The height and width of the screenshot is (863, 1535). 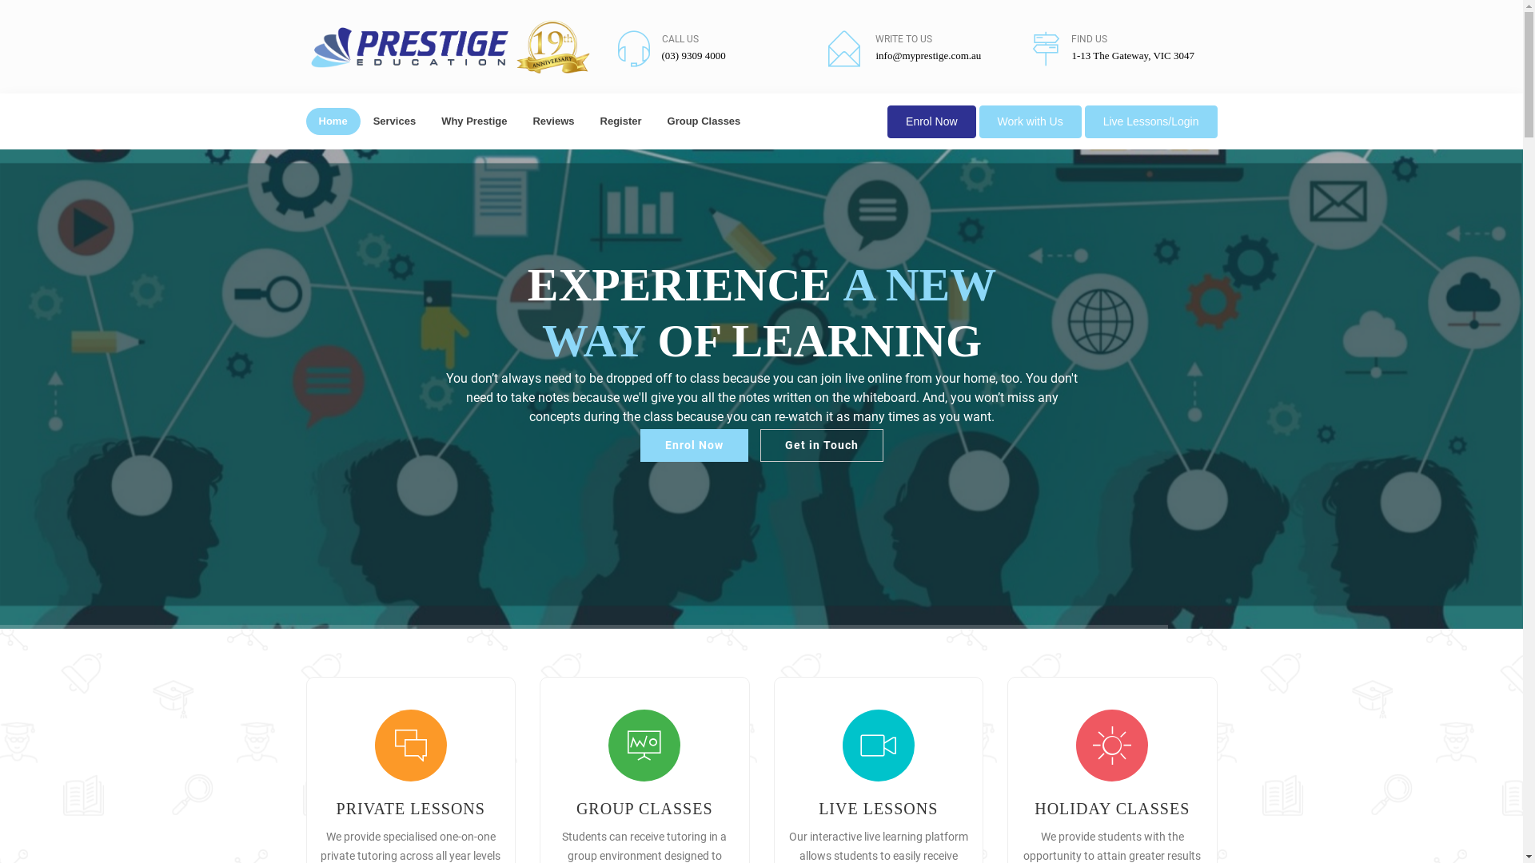 What do you see at coordinates (1071, 38) in the screenshot?
I see `'FIND US'` at bounding box center [1071, 38].